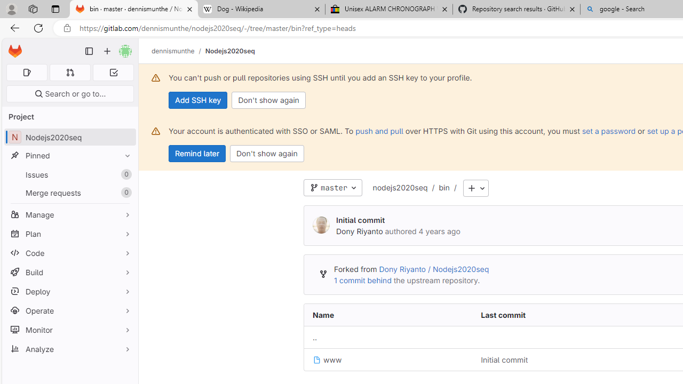  Describe the element at coordinates (69, 137) in the screenshot. I see `'N Nodejs2020seq'` at that location.